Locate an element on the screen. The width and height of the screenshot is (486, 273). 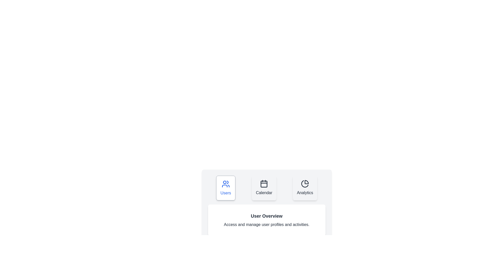
Decorative SVG element within the users' icon, located at the bottom-left part of the SVG structure, by performing a right-click action is located at coordinates (225, 186).